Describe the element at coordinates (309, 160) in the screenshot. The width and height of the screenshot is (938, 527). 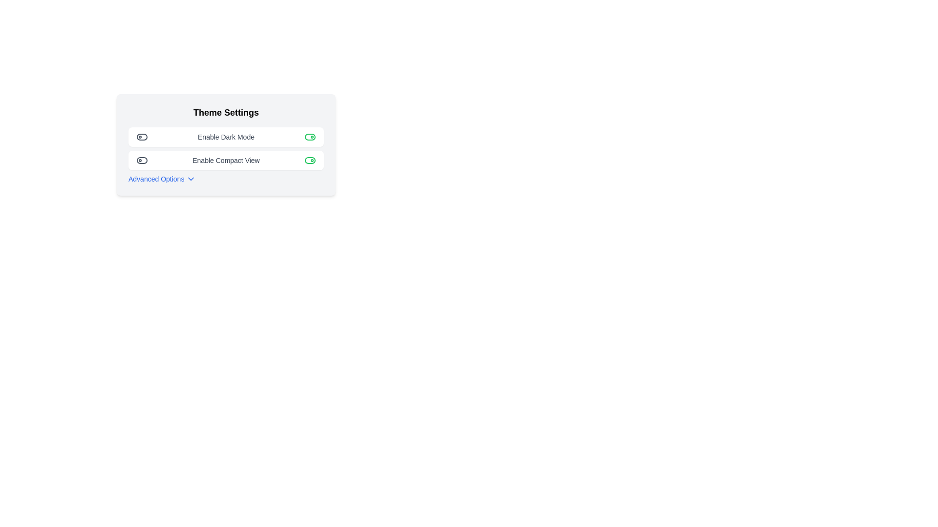
I see `the green toggle switch for 'Enable Compact View' to switch its state` at that location.